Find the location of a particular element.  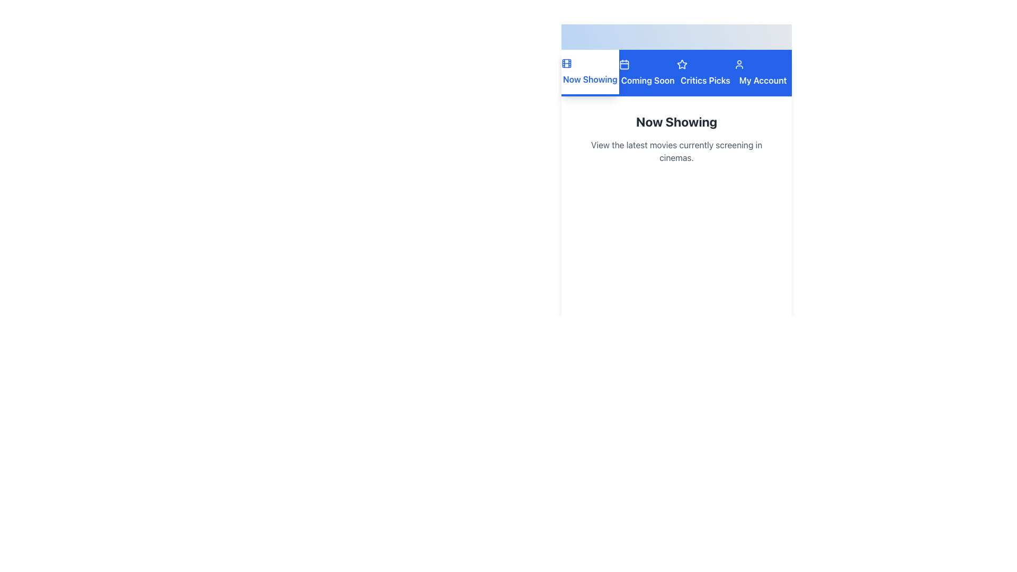

the 'Critics Picks' icon located is located at coordinates (681, 64).